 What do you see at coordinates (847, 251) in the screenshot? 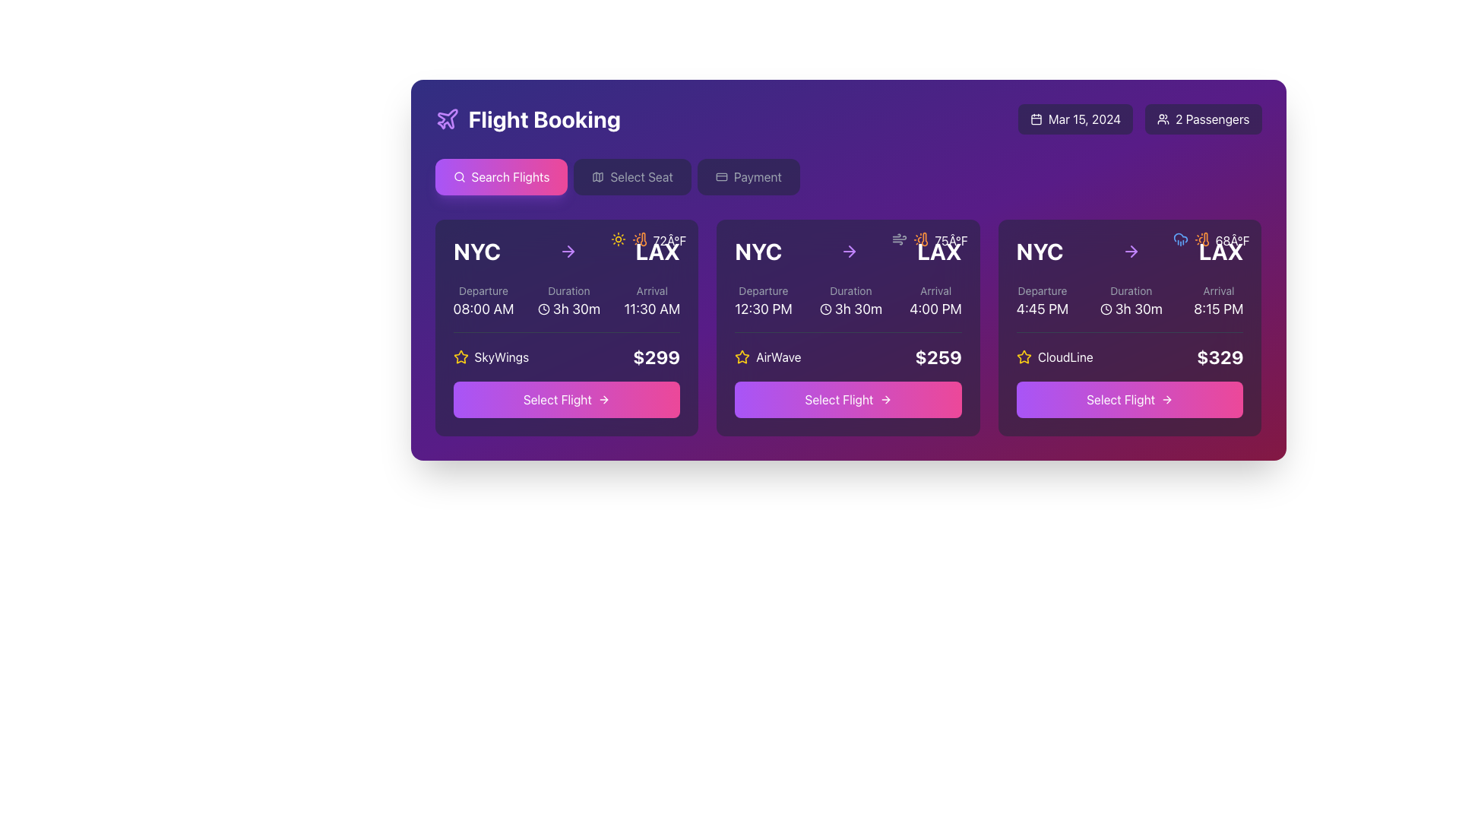
I see `the flight route label displaying 'NYC' and 'LAX' with an arrow icon, which is the second flight card in the list of flight options` at bounding box center [847, 251].